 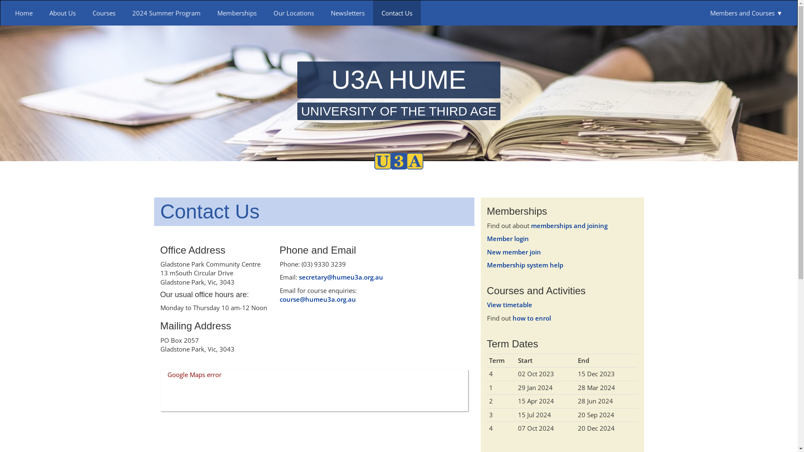 I want to click on 'Contact Us', so click(x=397, y=13).